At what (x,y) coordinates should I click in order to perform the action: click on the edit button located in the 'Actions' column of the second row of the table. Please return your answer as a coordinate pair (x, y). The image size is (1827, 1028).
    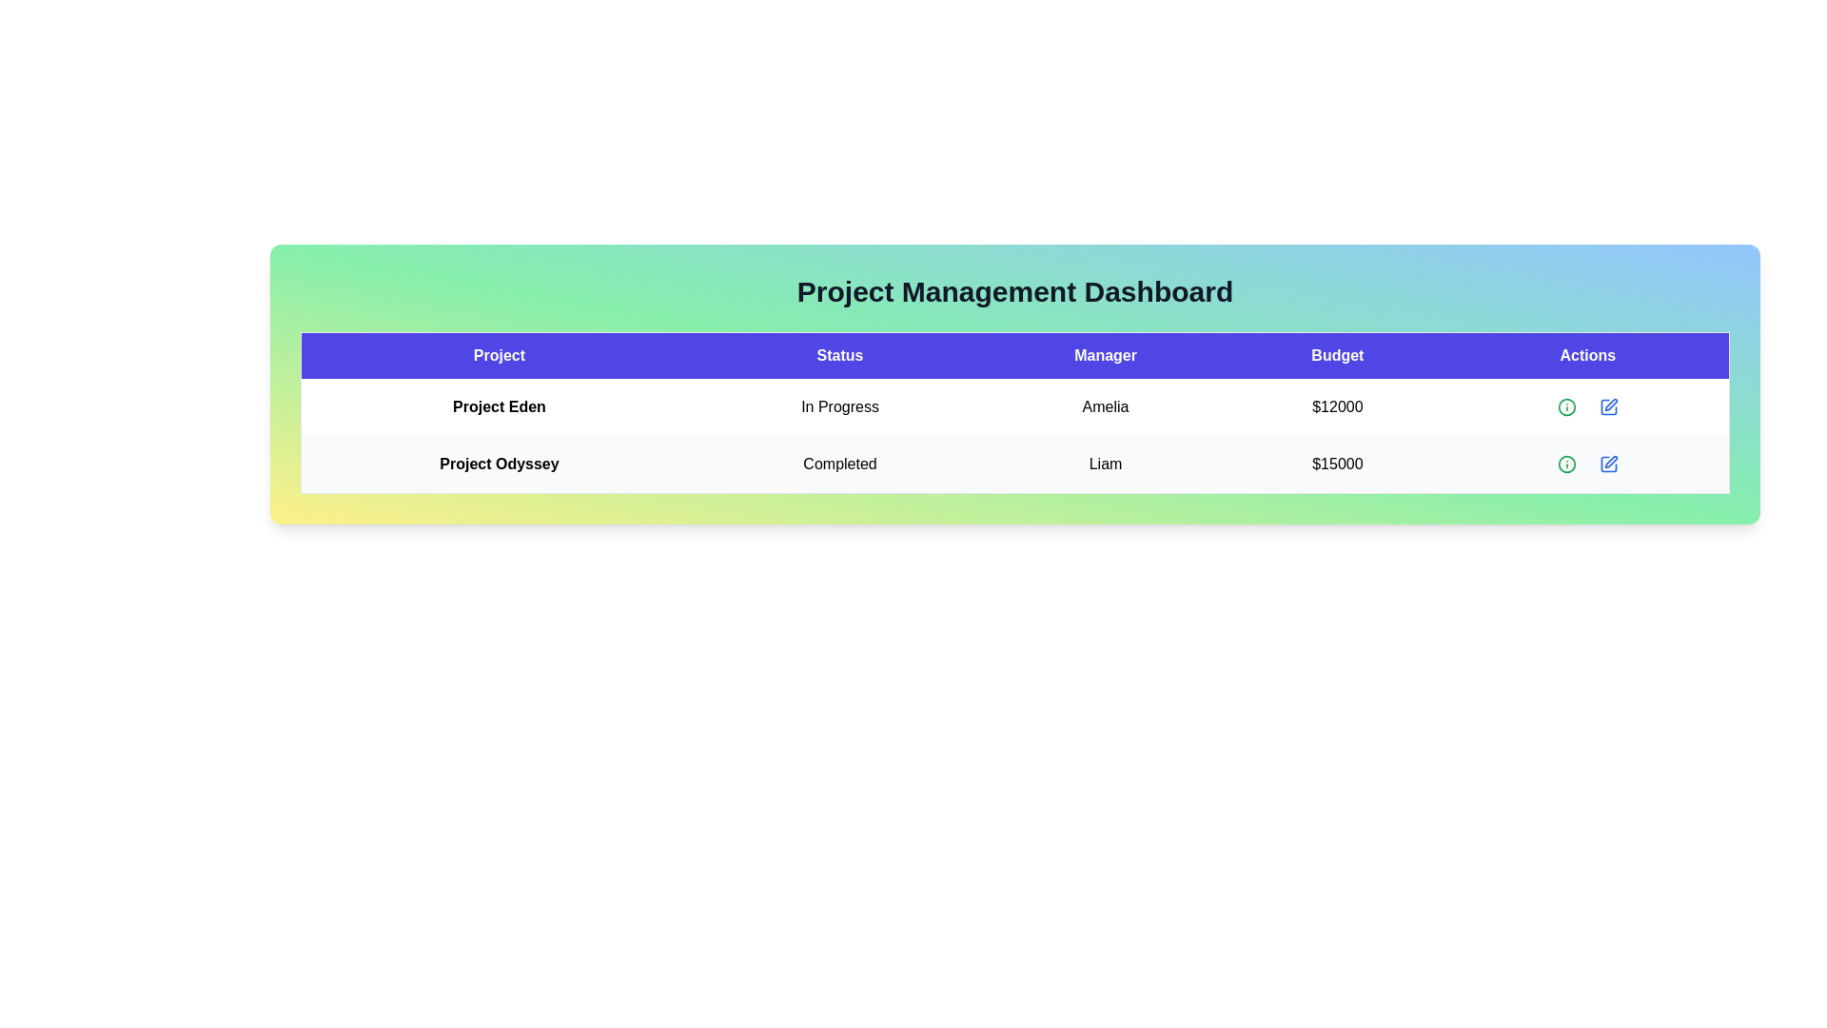
    Looking at the image, I should click on (1607, 465).